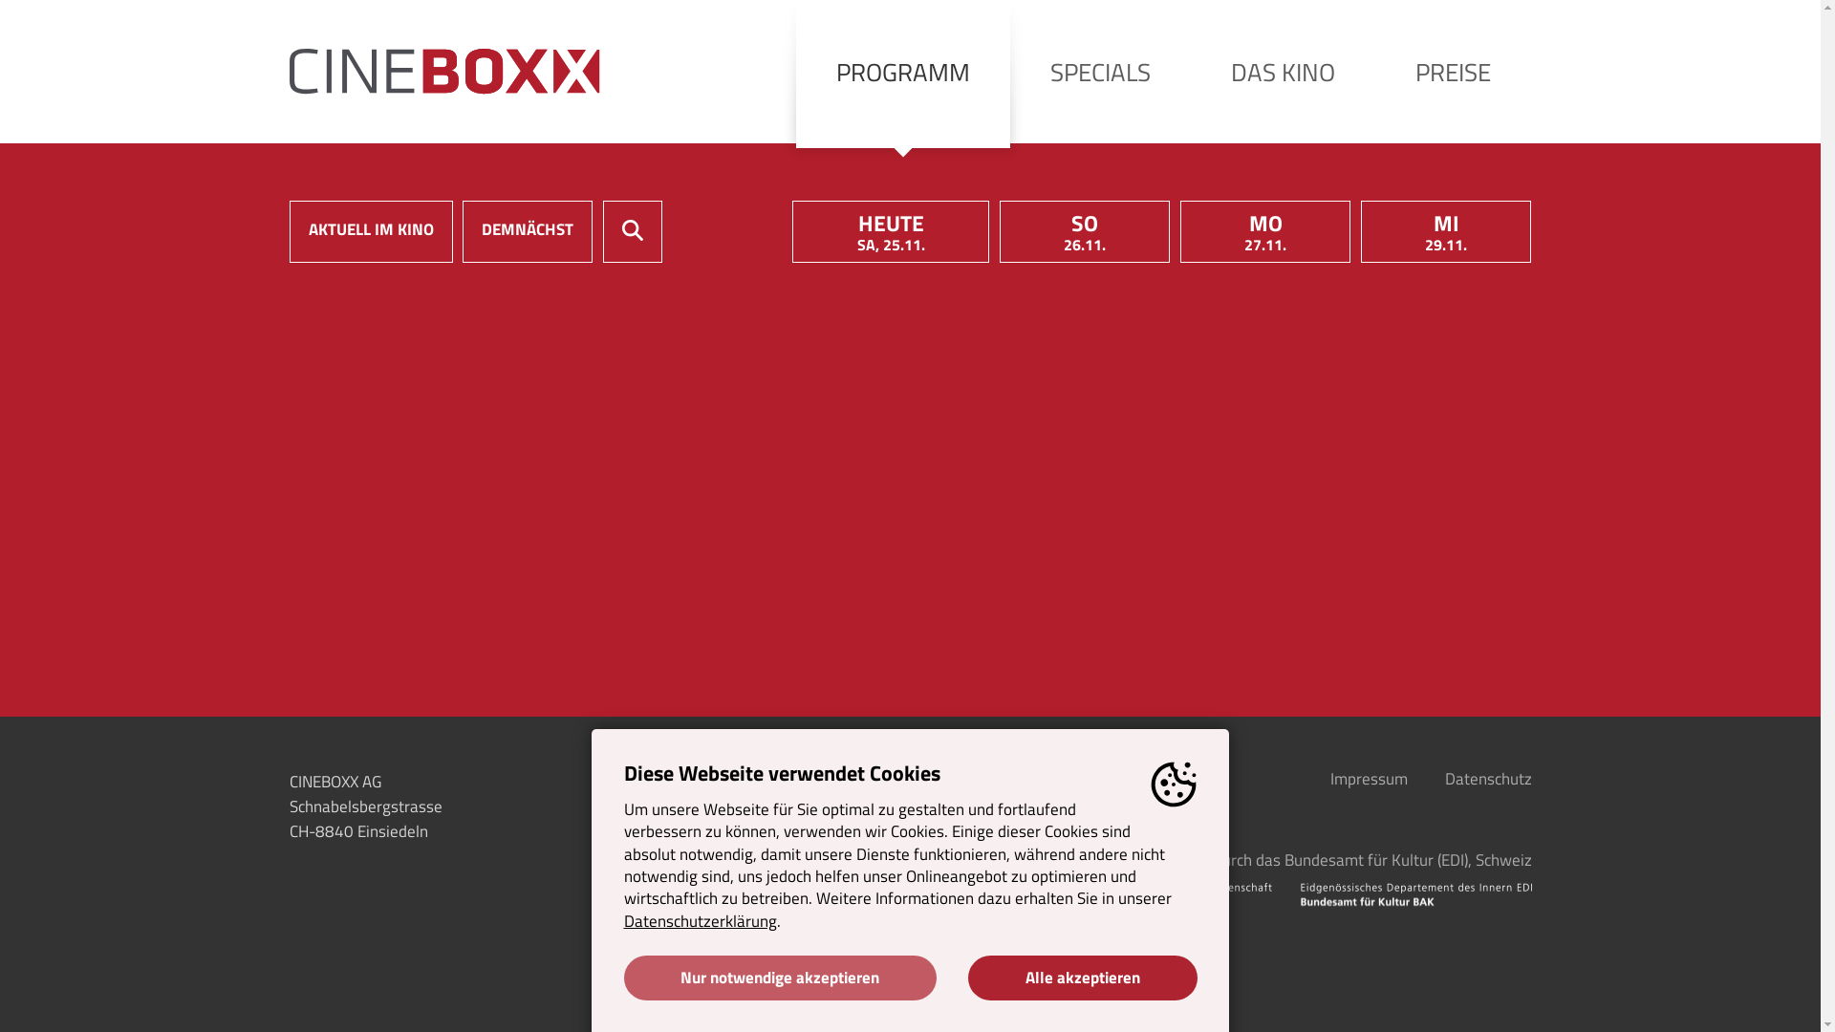  I want to click on 'SO, so click(1085, 230).